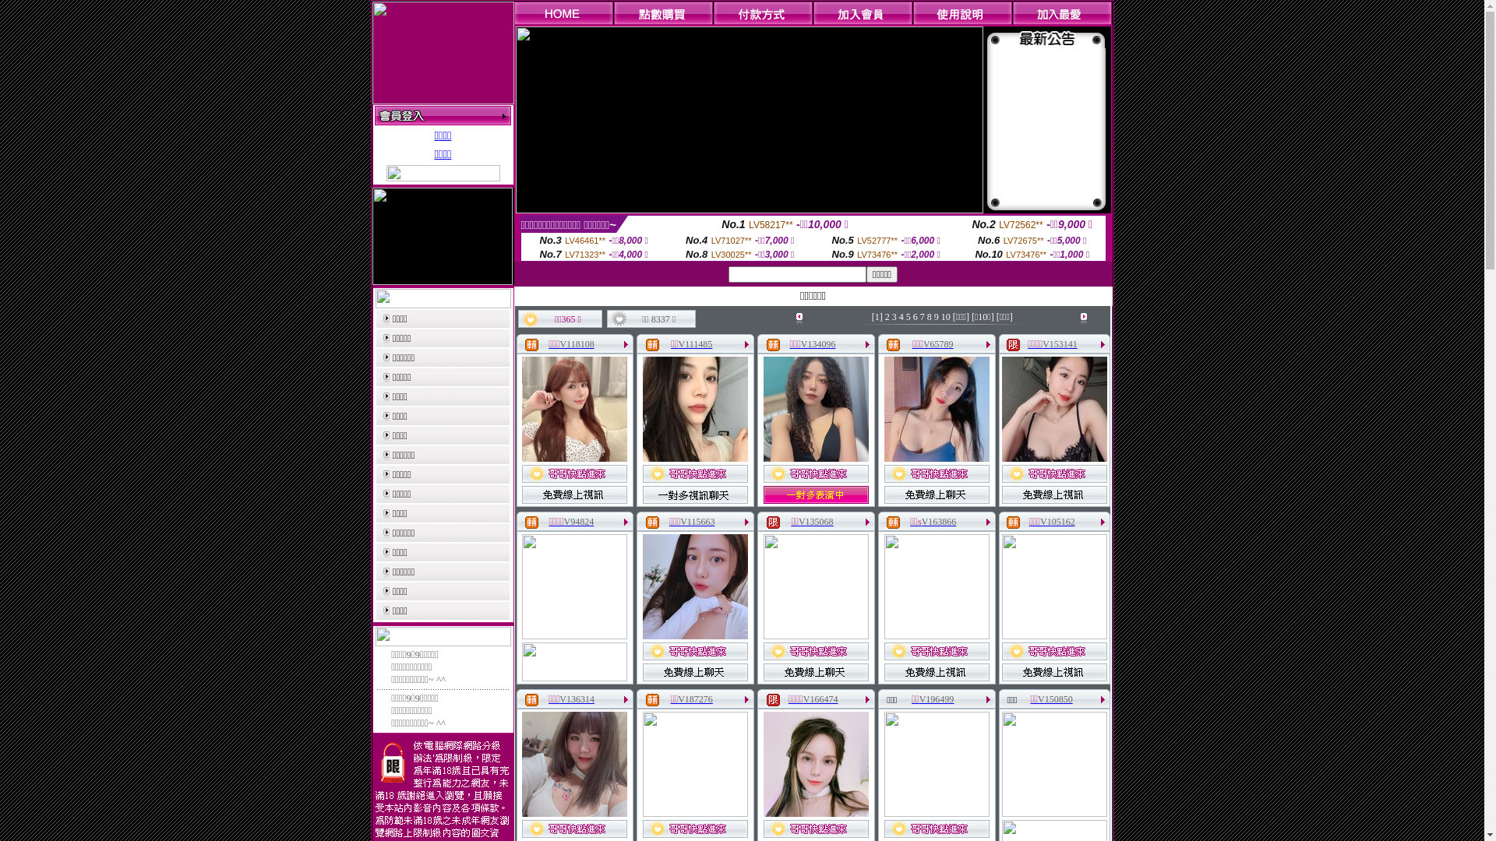 This screenshot has height=841, width=1496. What do you see at coordinates (909, 316) in the screenshot?
I see `'5'` at bounding box center [909, 316].